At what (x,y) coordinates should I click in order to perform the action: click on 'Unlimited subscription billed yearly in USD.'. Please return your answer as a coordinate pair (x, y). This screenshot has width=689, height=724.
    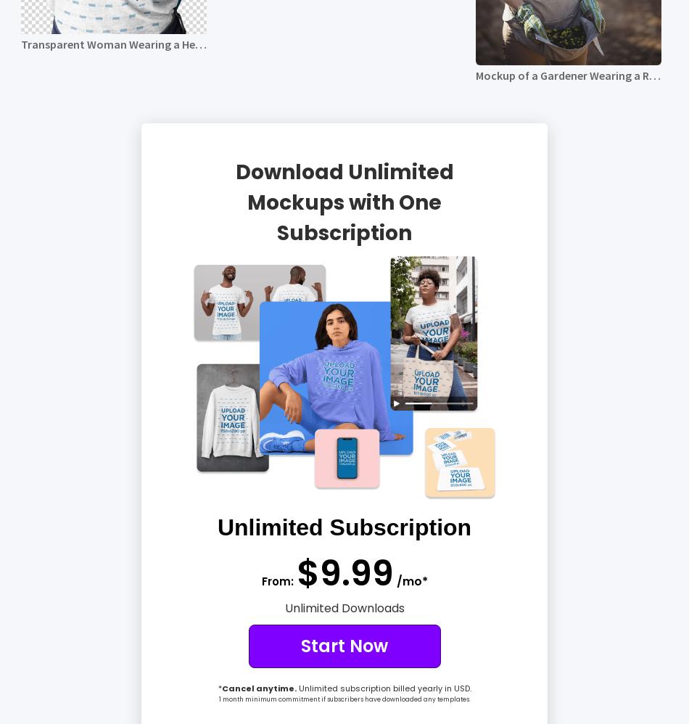
    Looking at the image, I should click on (383, 688).